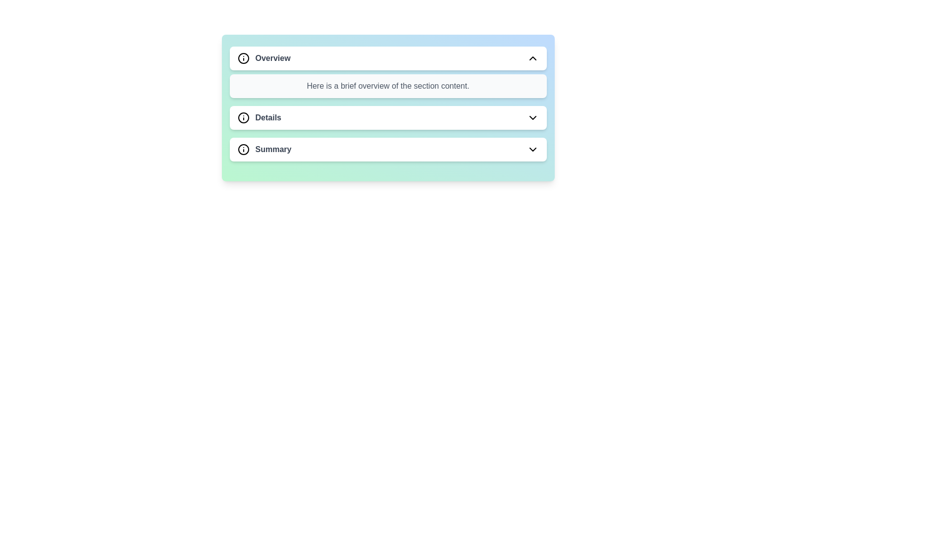  I want to click on the Text label with an accompanying icon that indicates a summary for a collapsible panel, located below the 'Overview' and 'Details' items, so click(264, 149).